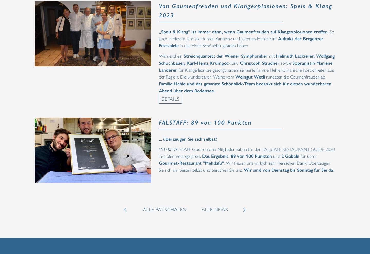  I want to click on 'rundeten die Gaumenfreuden ab.', so click(296, 76).